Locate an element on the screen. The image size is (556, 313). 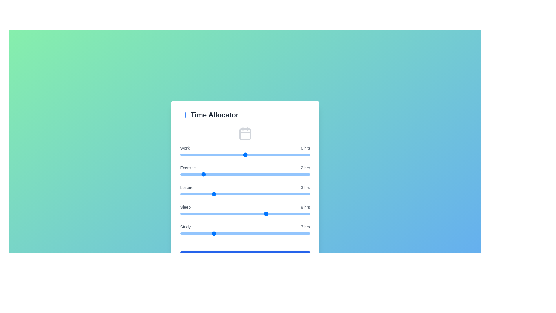
the calendar icon to activate its functionality is located at coordinates (245, 134).